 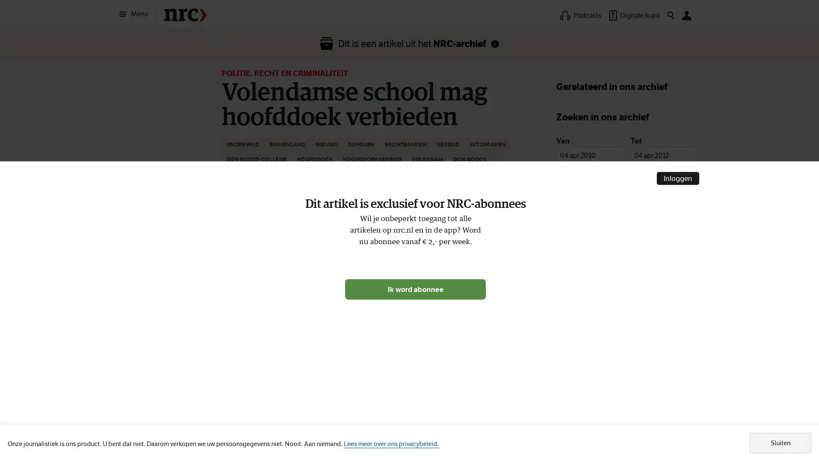 I want to click on Artikel delen, so click(x=290, y=260).